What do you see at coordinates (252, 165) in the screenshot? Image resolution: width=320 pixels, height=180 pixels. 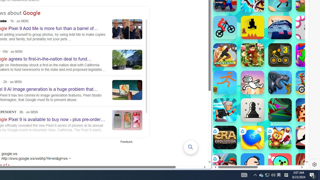 I see `'Poor Eddie'` at bounding box center [252, 165].